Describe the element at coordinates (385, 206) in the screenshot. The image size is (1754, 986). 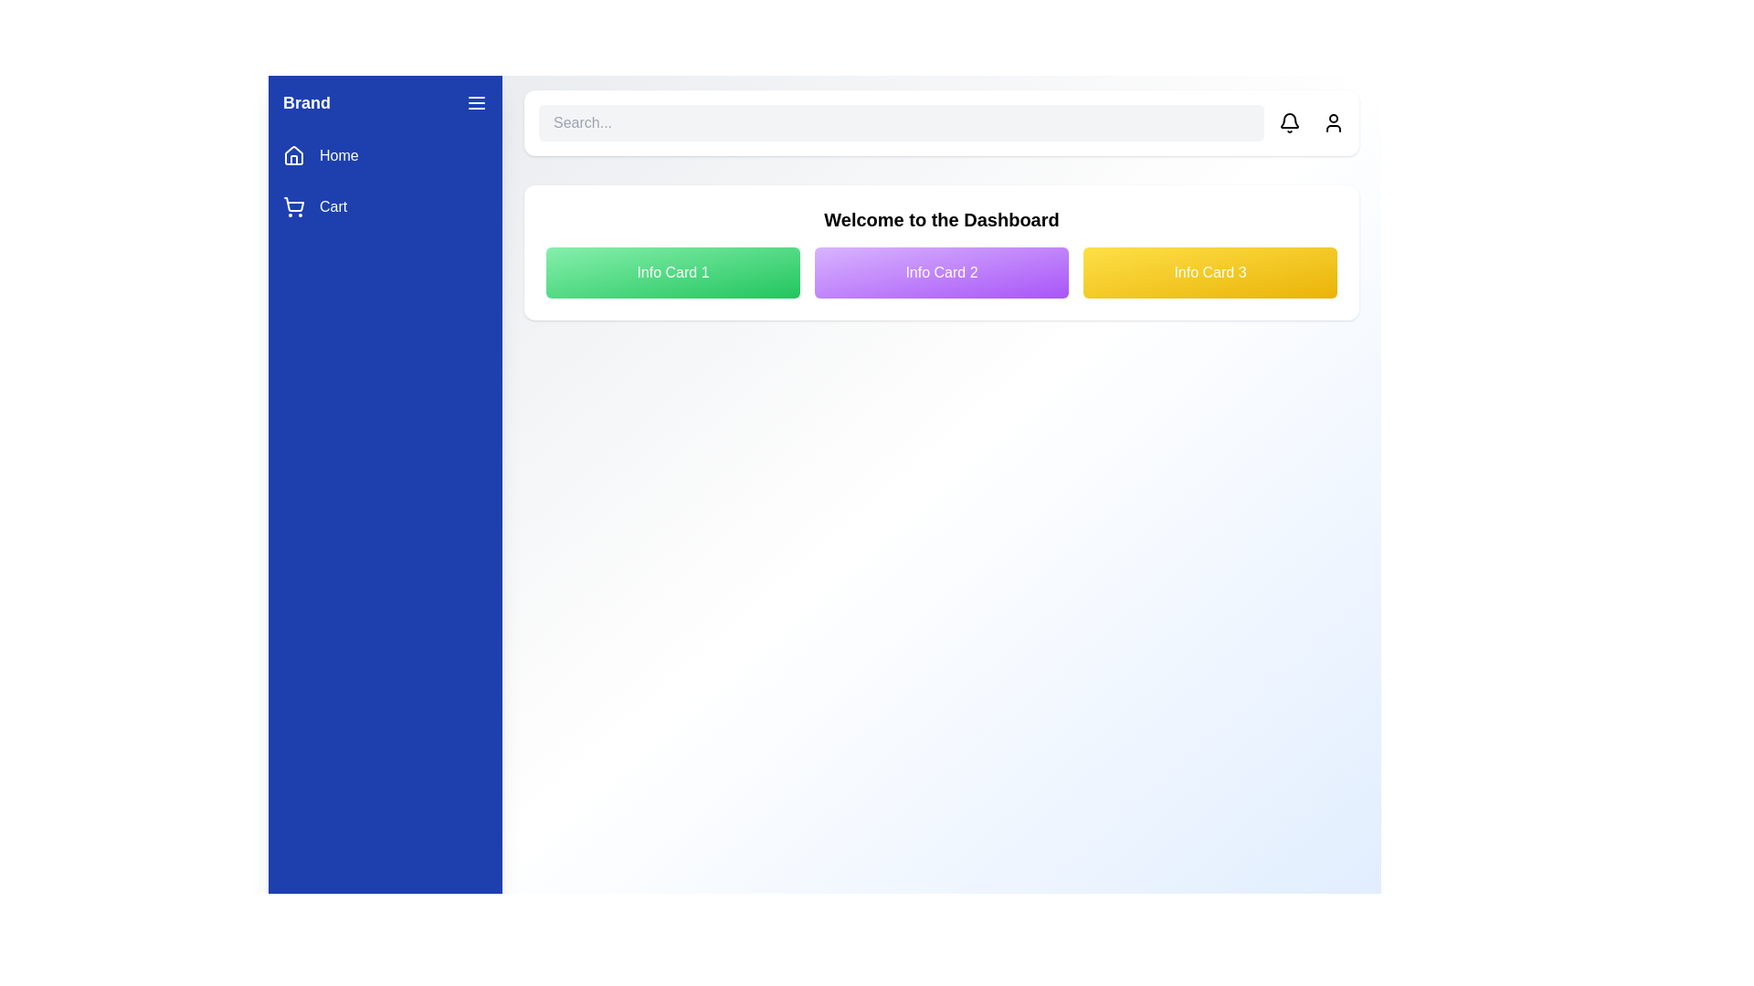
I see `the navigation menu item Cart` at that location.